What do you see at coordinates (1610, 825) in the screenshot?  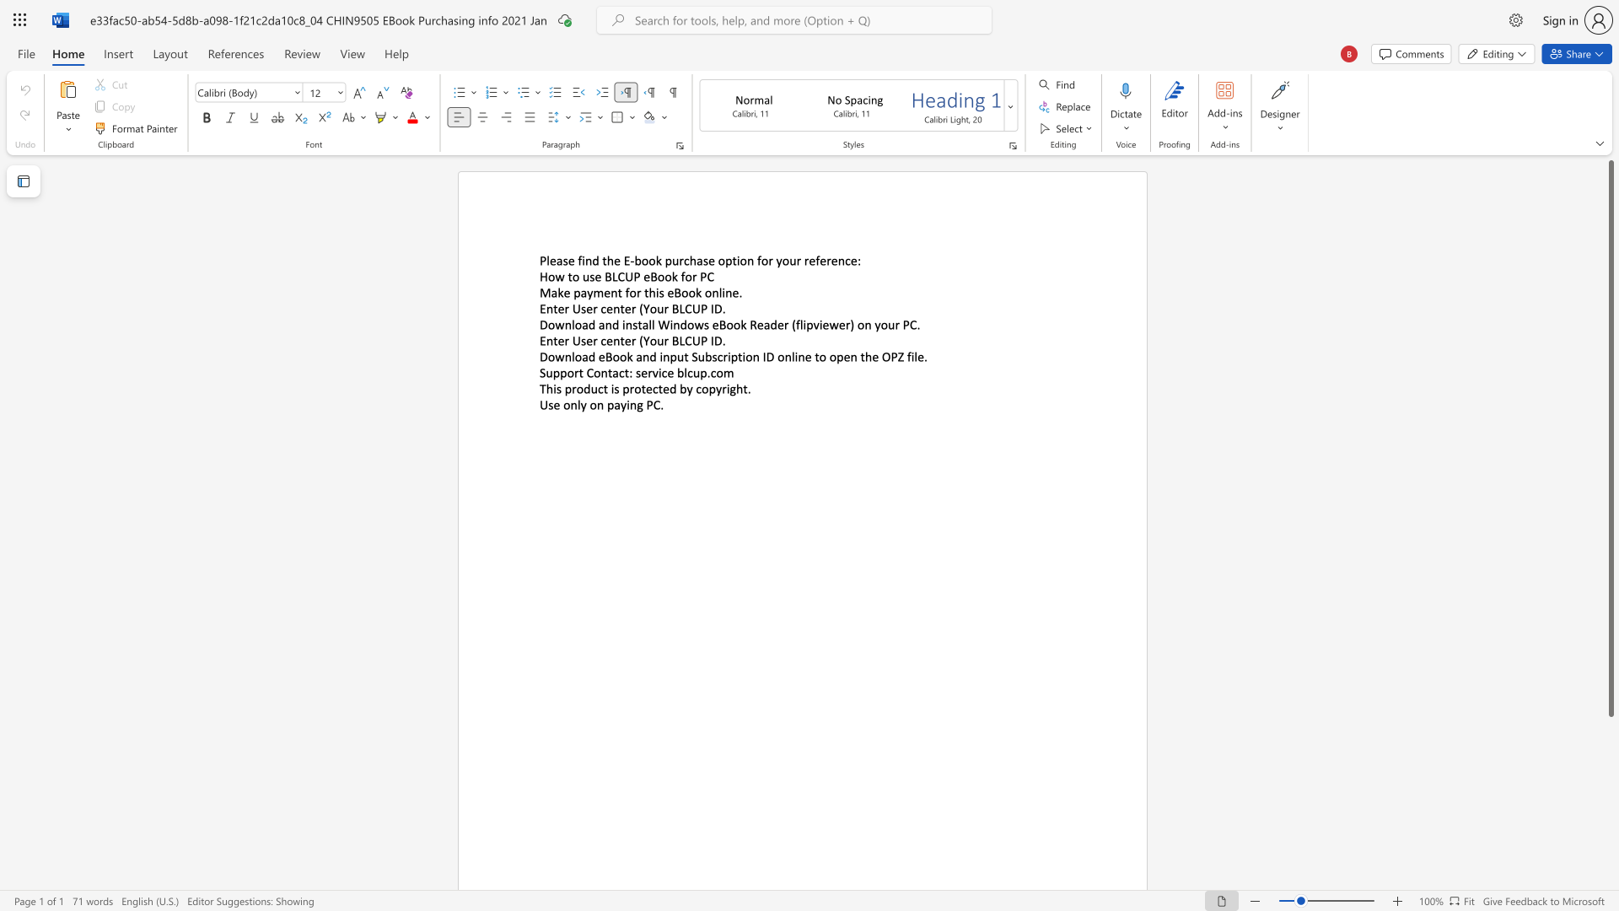 I see `the scrollbar to slide the page down` at bounding box center [1610, 825].